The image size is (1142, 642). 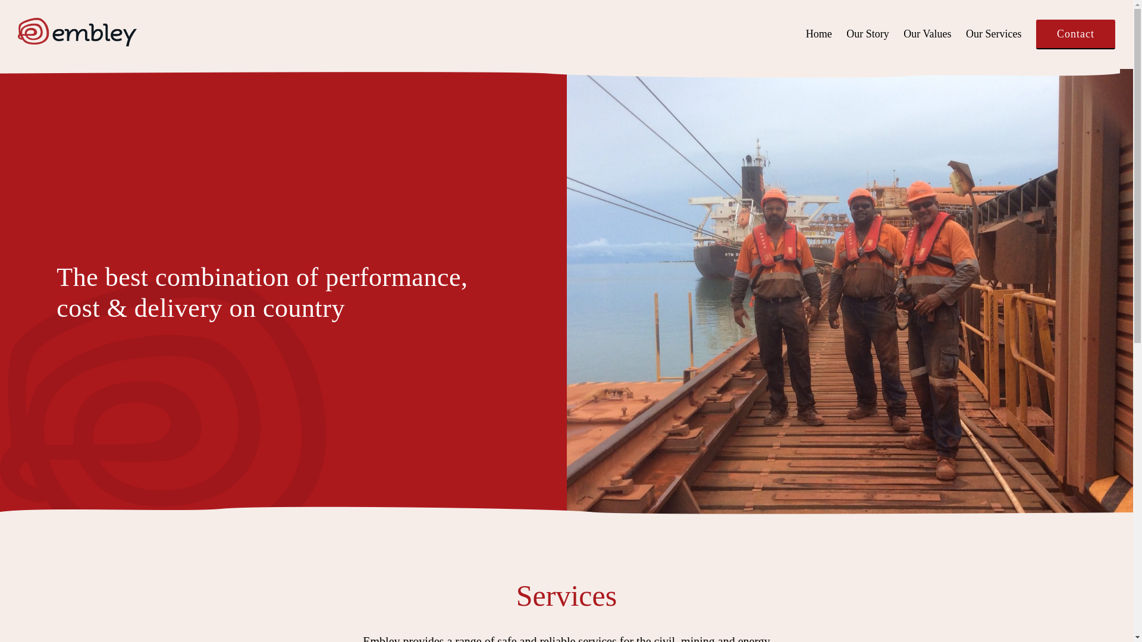 I want to click on 'Our Story', so click(x=868, y=33).